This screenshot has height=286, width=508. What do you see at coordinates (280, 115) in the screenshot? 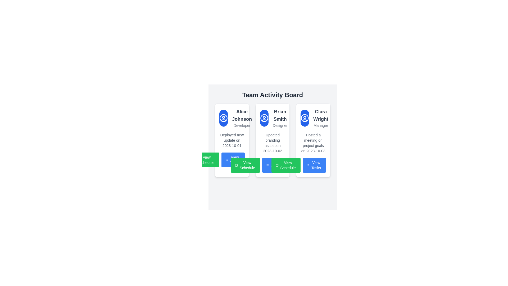
I see `the bold, gray text label displaying 'Brian Smith' that is prominently positioned in the second card of the 'Team Activity Board', located above 'Designer' and below the person icon` at bounding box center [280, 115].